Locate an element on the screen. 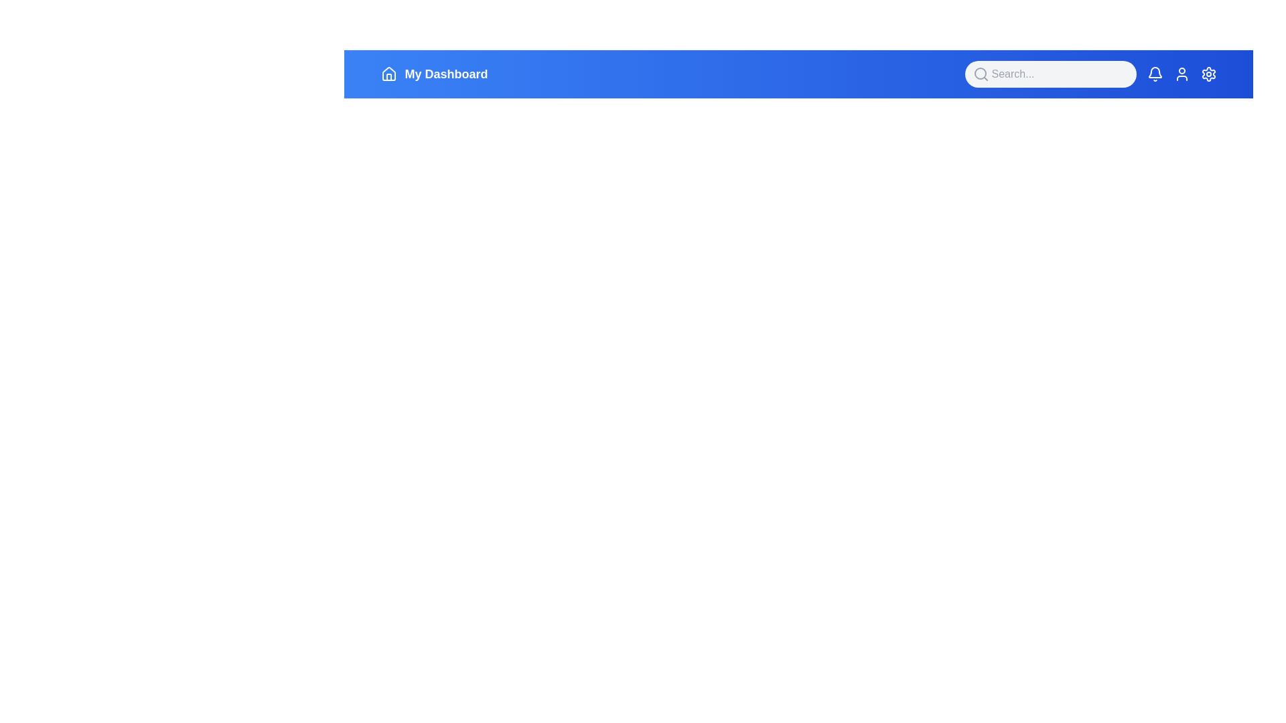 This screenshot has width=1286, height=723. the search bar and type the search query is located at coordinates (1050, 74).